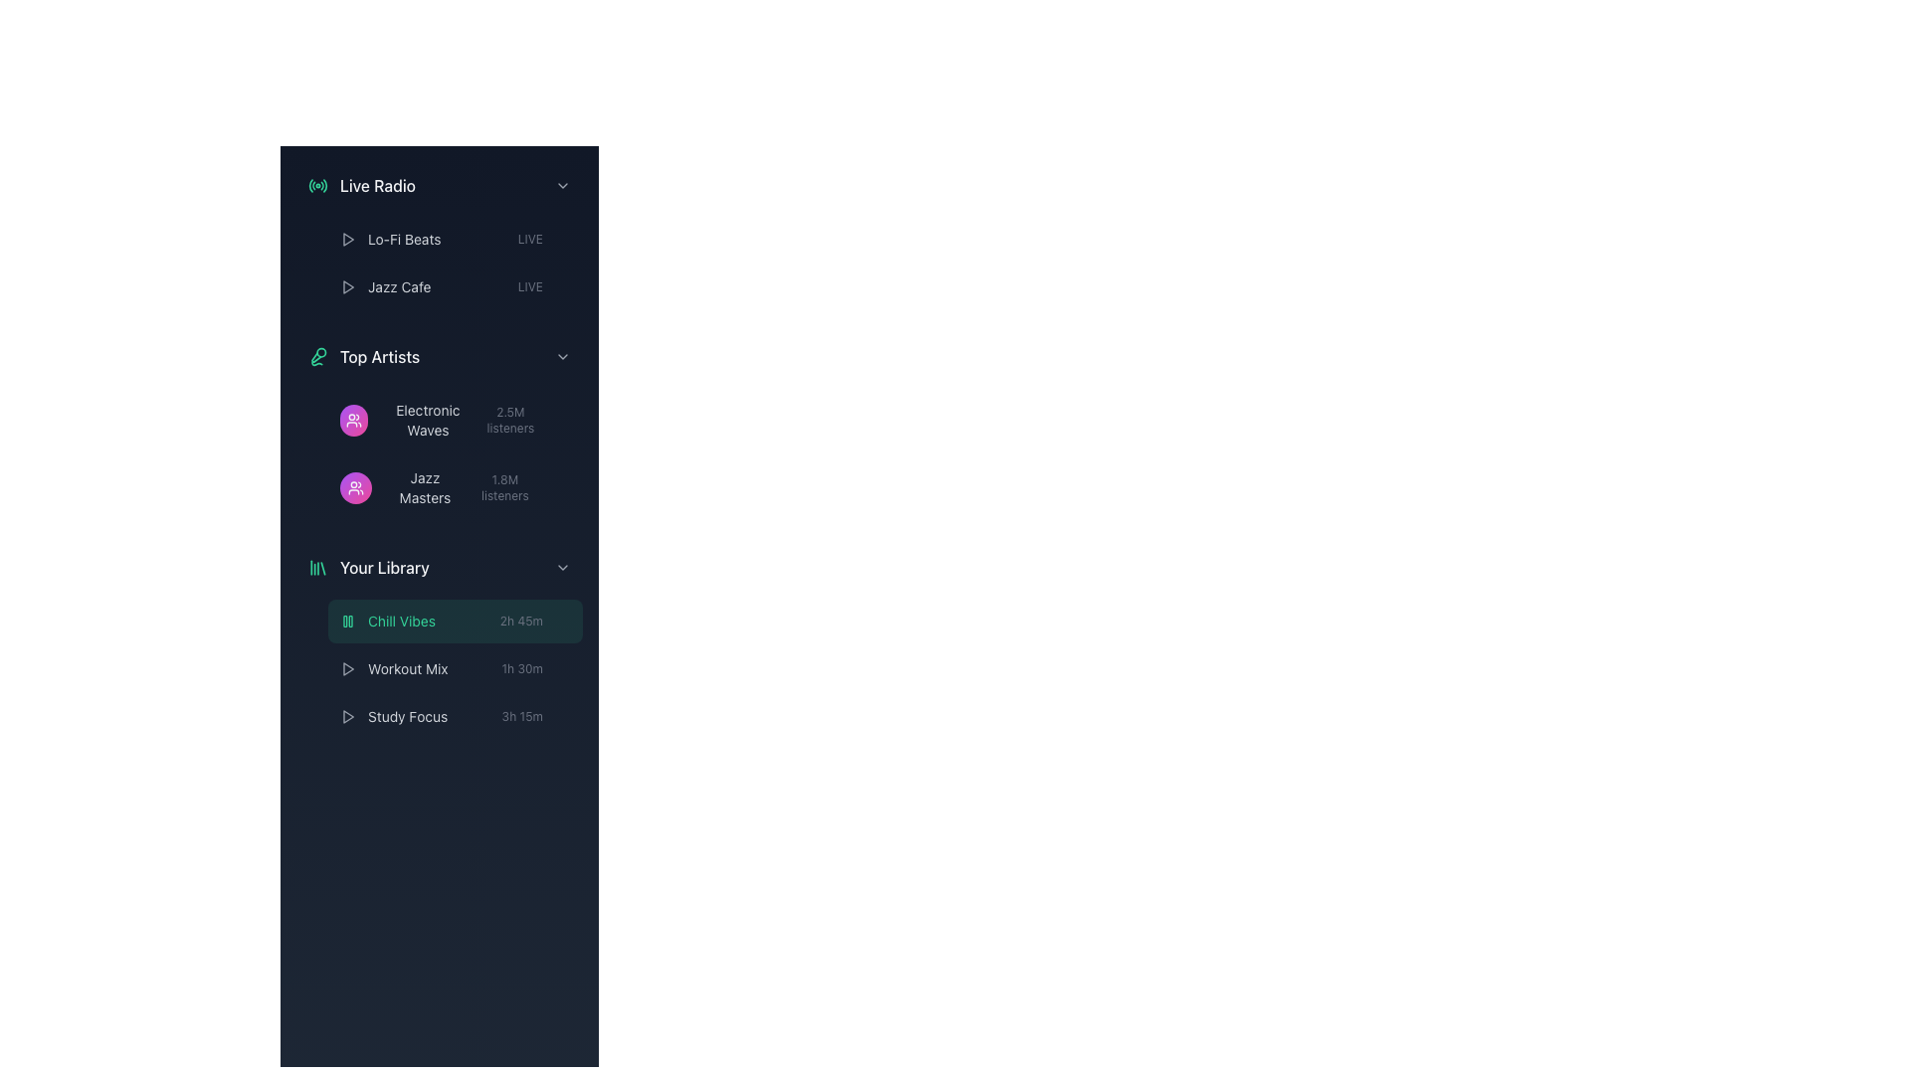 This screenshot has height=1074, width=1910. Describe the element at coordinates (536, 717) in the screenshot. I see `the informational text label displaying the time duration '3h 15m' for the 'Study Focus' item in the 'Your Library' section` at that location.